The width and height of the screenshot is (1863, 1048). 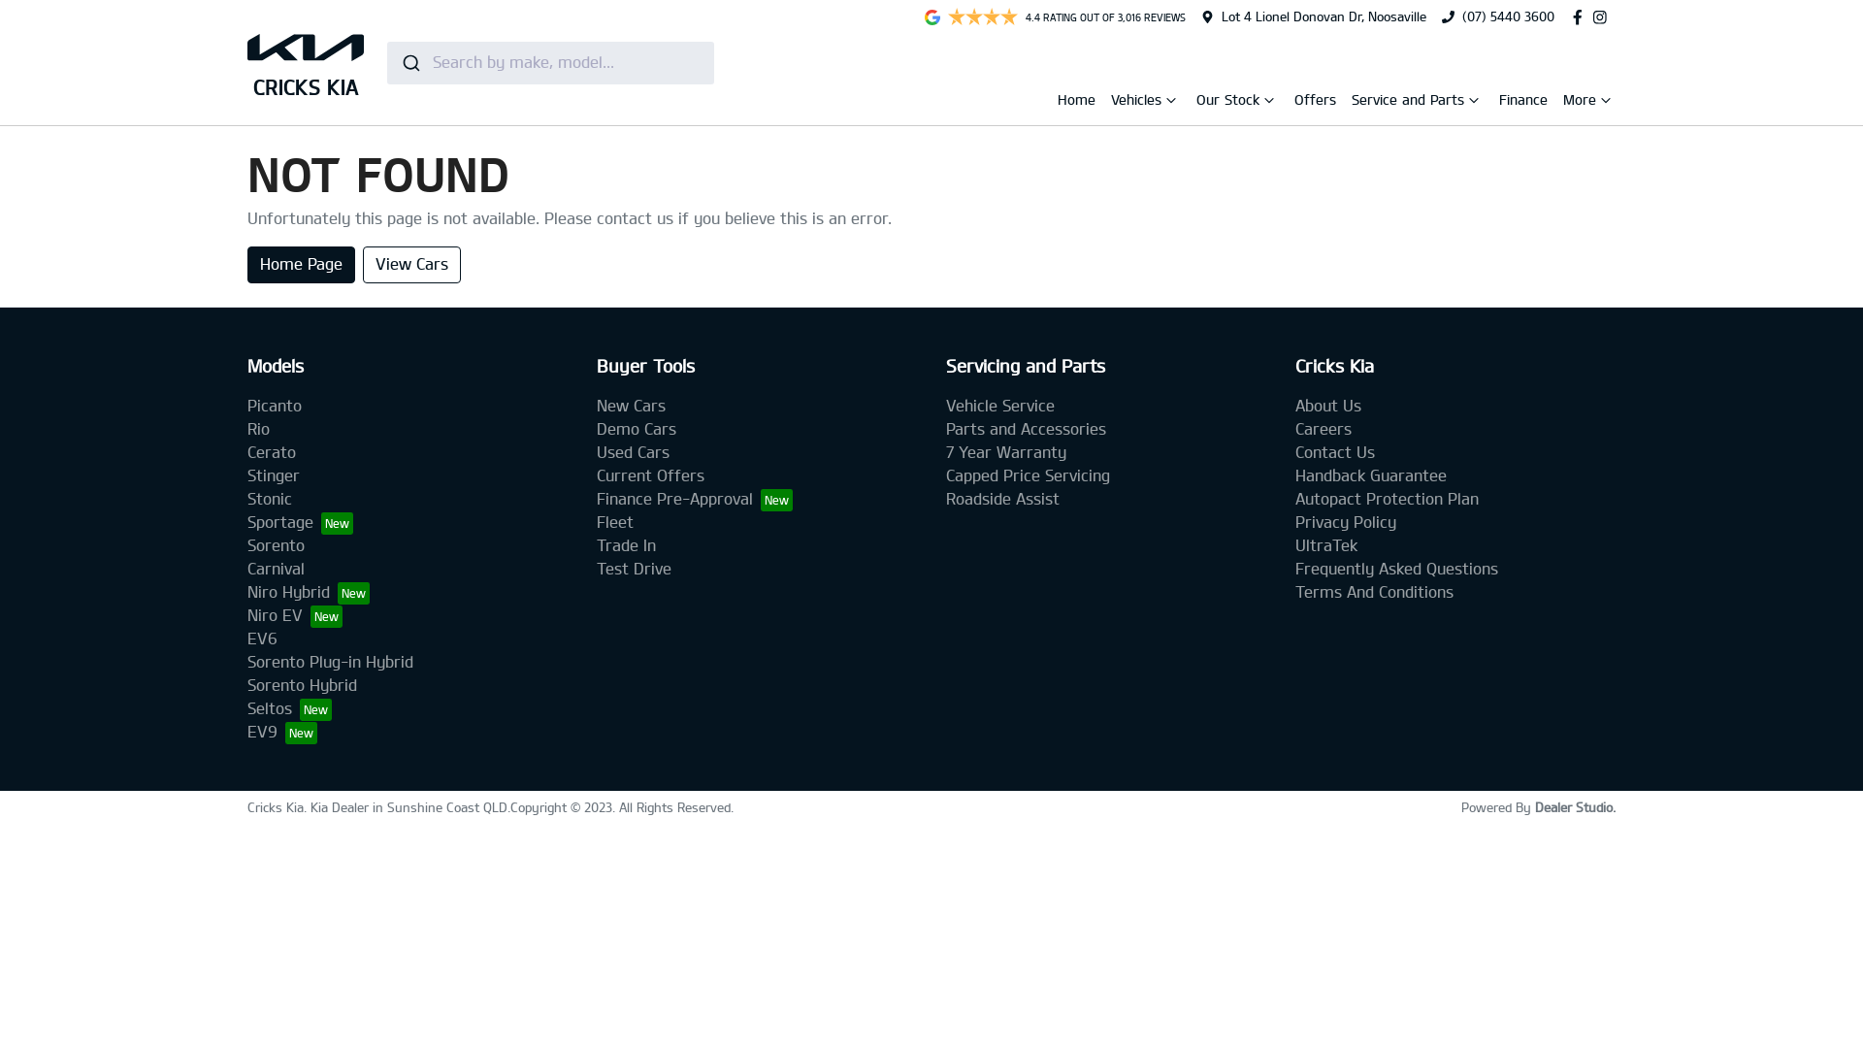 What do you see at coordinates (637, 428) in the screenshot?
I see `'Demo Cars'` at bounding box center [637, 428].